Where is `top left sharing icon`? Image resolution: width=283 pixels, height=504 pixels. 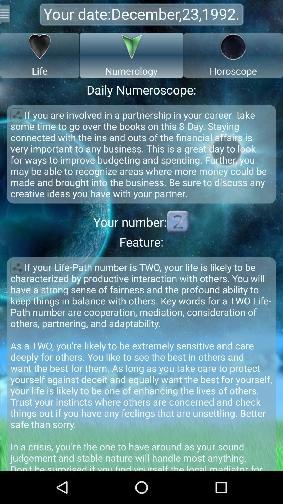
top left sharing icon is located at coordinates (17, 115).